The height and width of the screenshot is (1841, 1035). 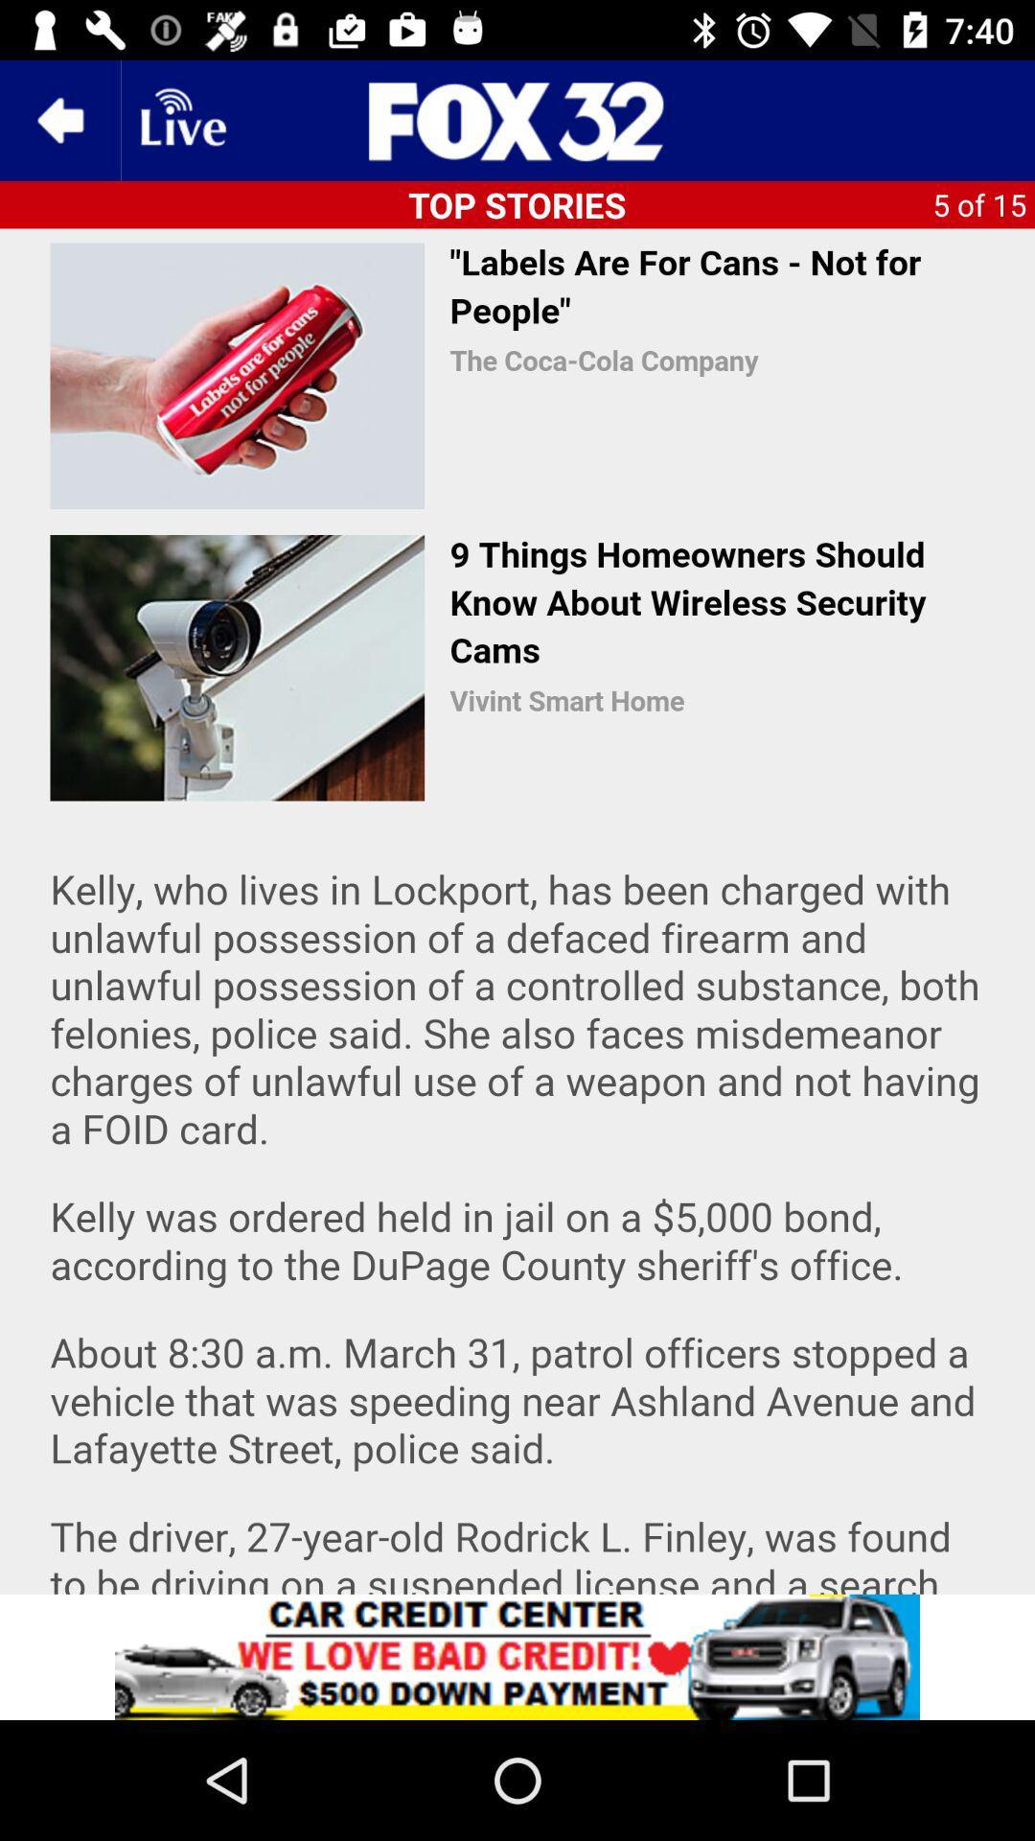 What do you see at coordinates (58, 119) in the screenshot?
I see `back button` at bounding box center [58, 119].